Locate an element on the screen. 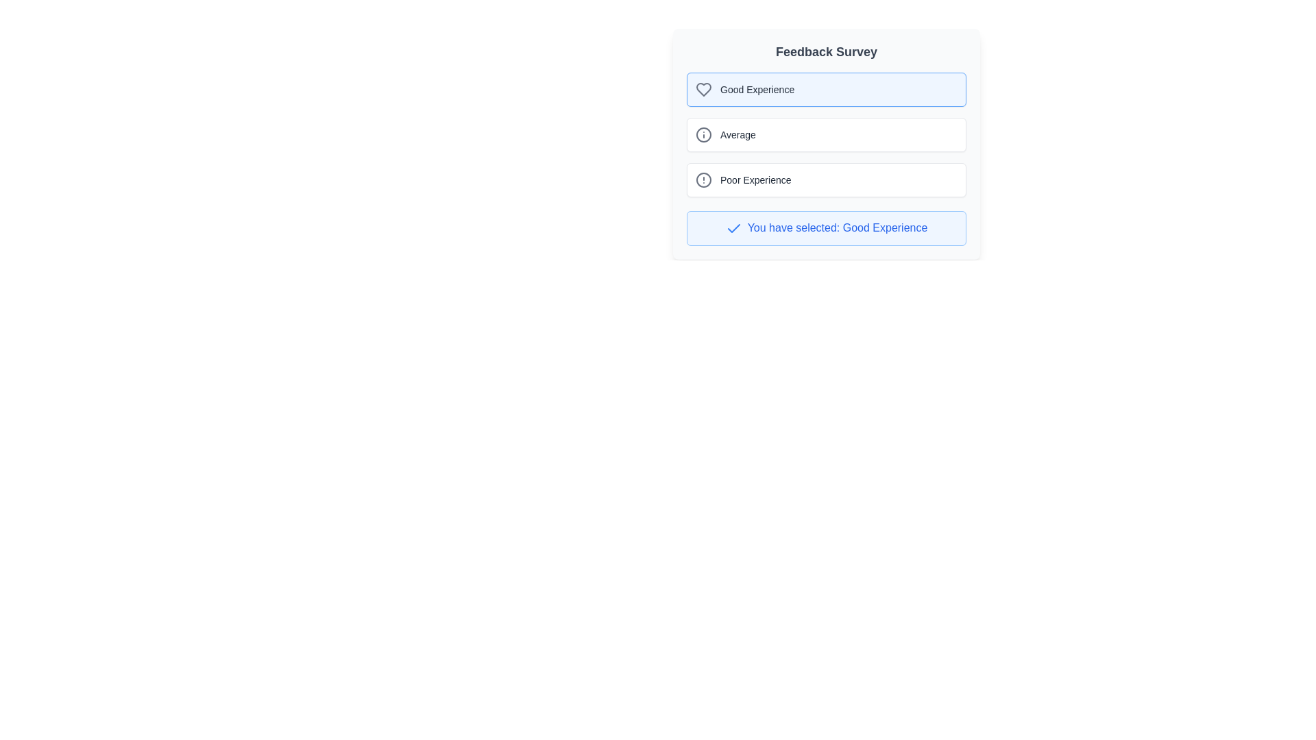  the 'Average' feedback level button in the survey to change its style is located at coordinates (825, 134).